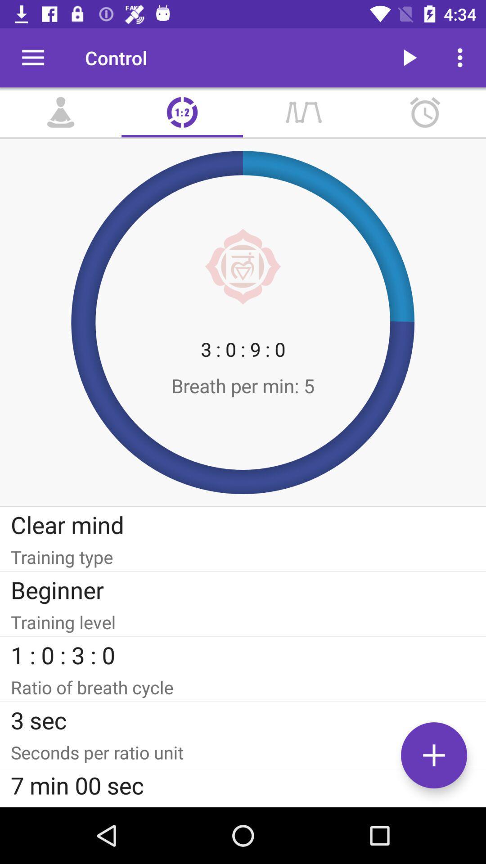 The width and height of the screenshot is (486, 864). Describe the element at coordinates (243, 524) in the screenshot. I see `the clear mind` at that location.